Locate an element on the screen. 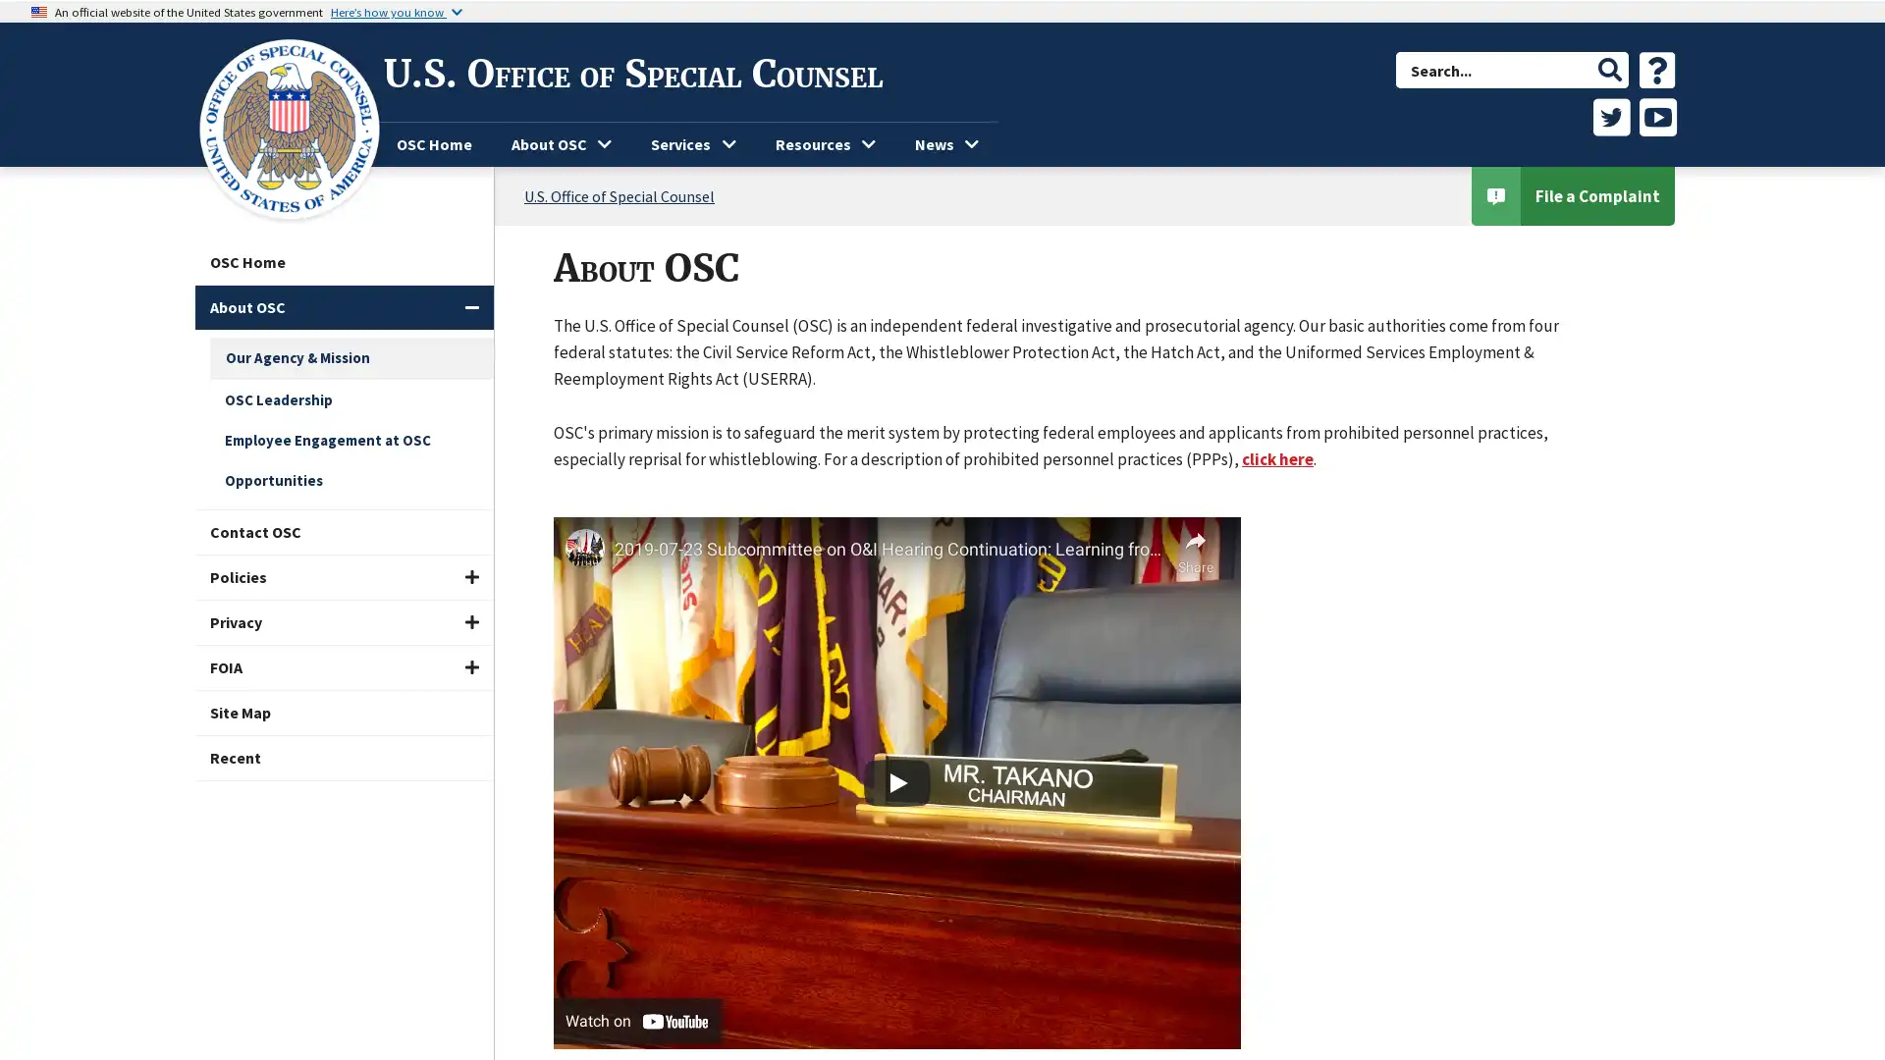 This screenshot has height=1060, width=1885. Services is located at coordinates (692, 143).